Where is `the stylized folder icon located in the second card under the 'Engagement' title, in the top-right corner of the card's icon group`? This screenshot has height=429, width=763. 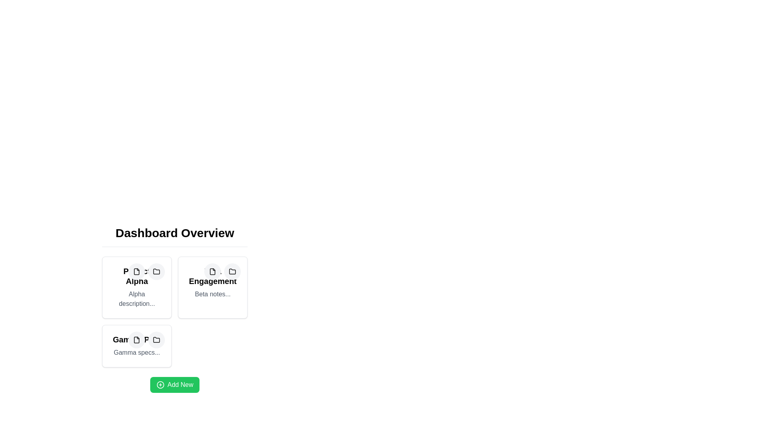
the stylized folder icon located in the second card under the 'Engagement' title, in the top-right corner of the card's icon group is located at coordinates (232, 271).